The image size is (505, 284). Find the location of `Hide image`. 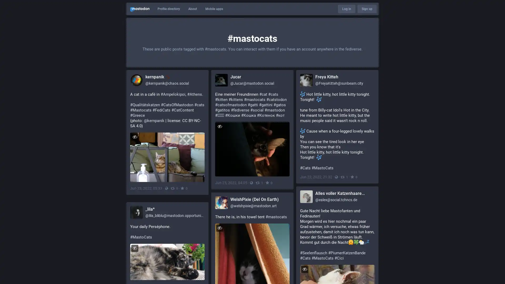

Hide image is located at coordinates (305, 269).